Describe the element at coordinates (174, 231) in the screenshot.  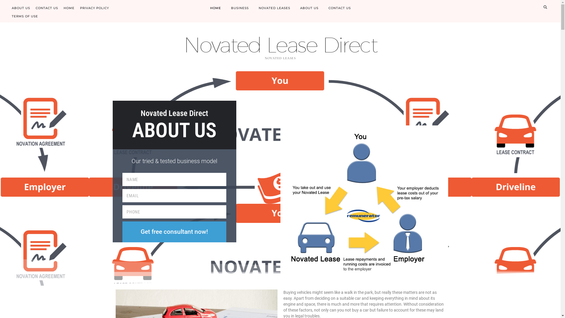
I see `'Get free consultant now!'` at that location.